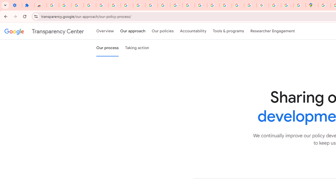 This screenshot has width=336, height=189. What do you see at coordinates (164, 5) in the screenshot?
I see `'YouTube'` at bounding box center [164, 5].